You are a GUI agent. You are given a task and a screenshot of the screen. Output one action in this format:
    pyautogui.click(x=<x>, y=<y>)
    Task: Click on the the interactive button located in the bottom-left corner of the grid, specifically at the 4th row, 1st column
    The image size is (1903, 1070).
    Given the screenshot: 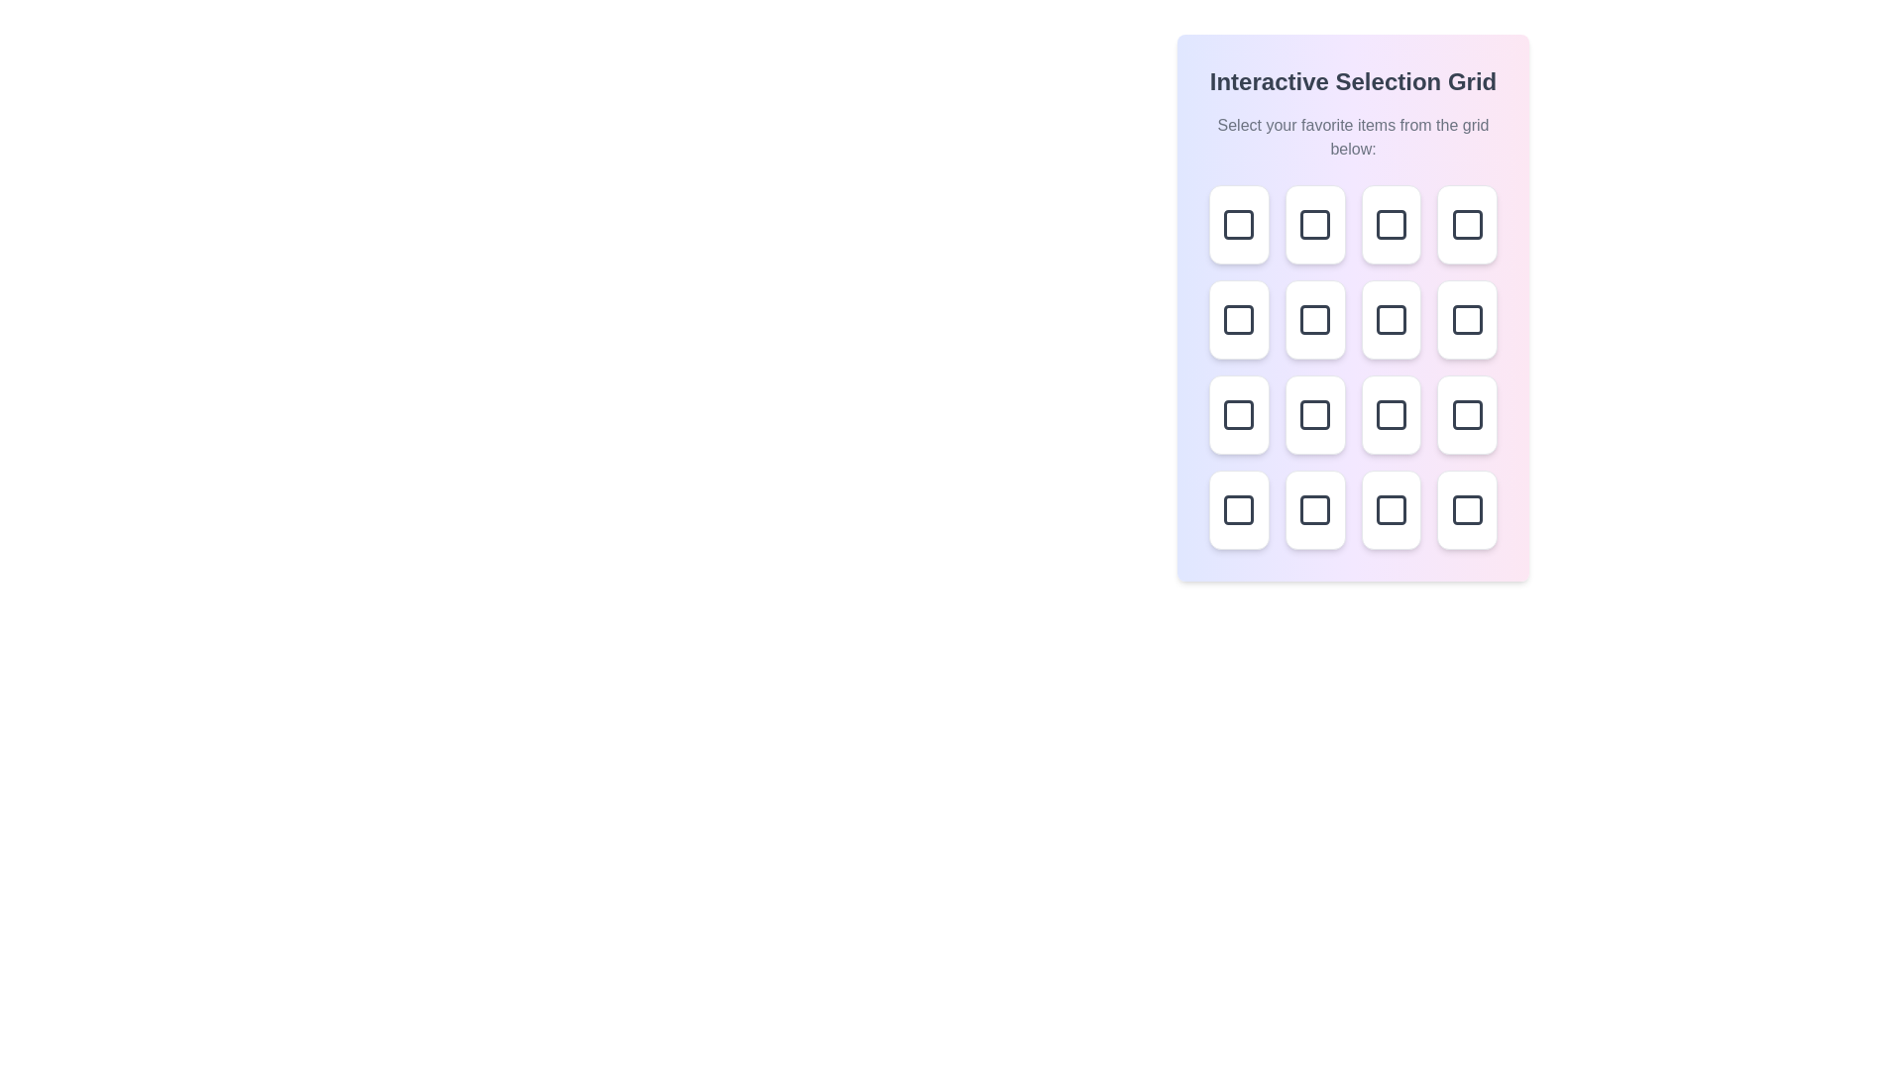 What is the action you would take?
    pyautogui.click(x=1238, y=509)
    